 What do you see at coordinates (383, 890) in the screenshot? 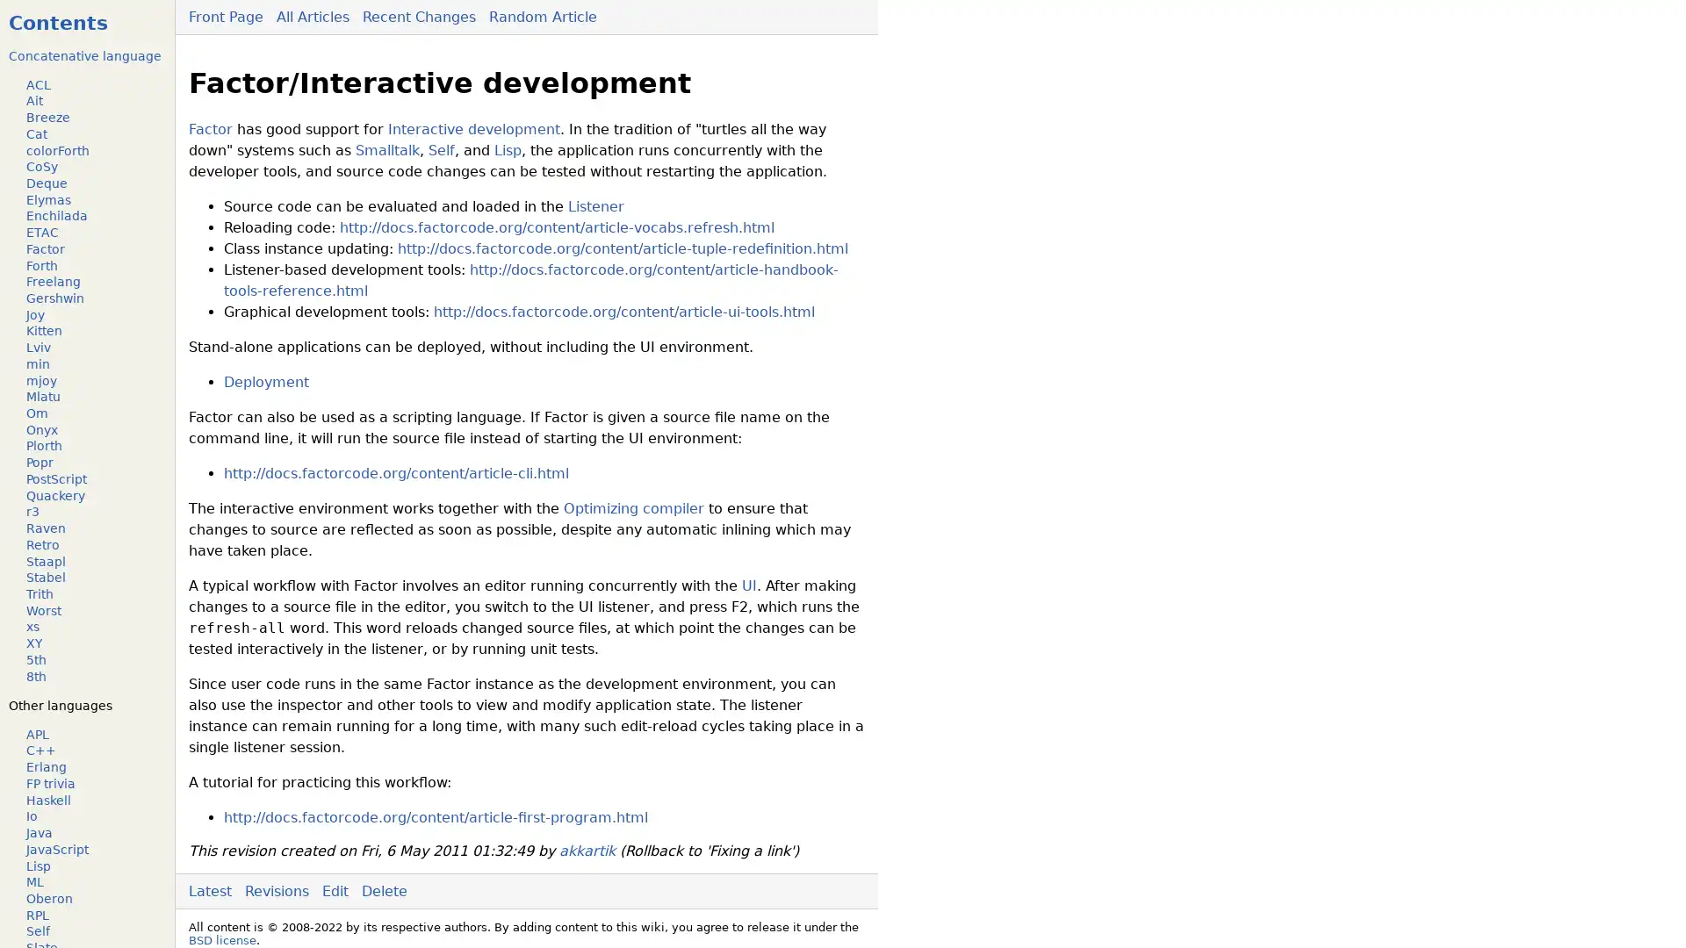
I see `Delete` at bounding box center [383, 890].